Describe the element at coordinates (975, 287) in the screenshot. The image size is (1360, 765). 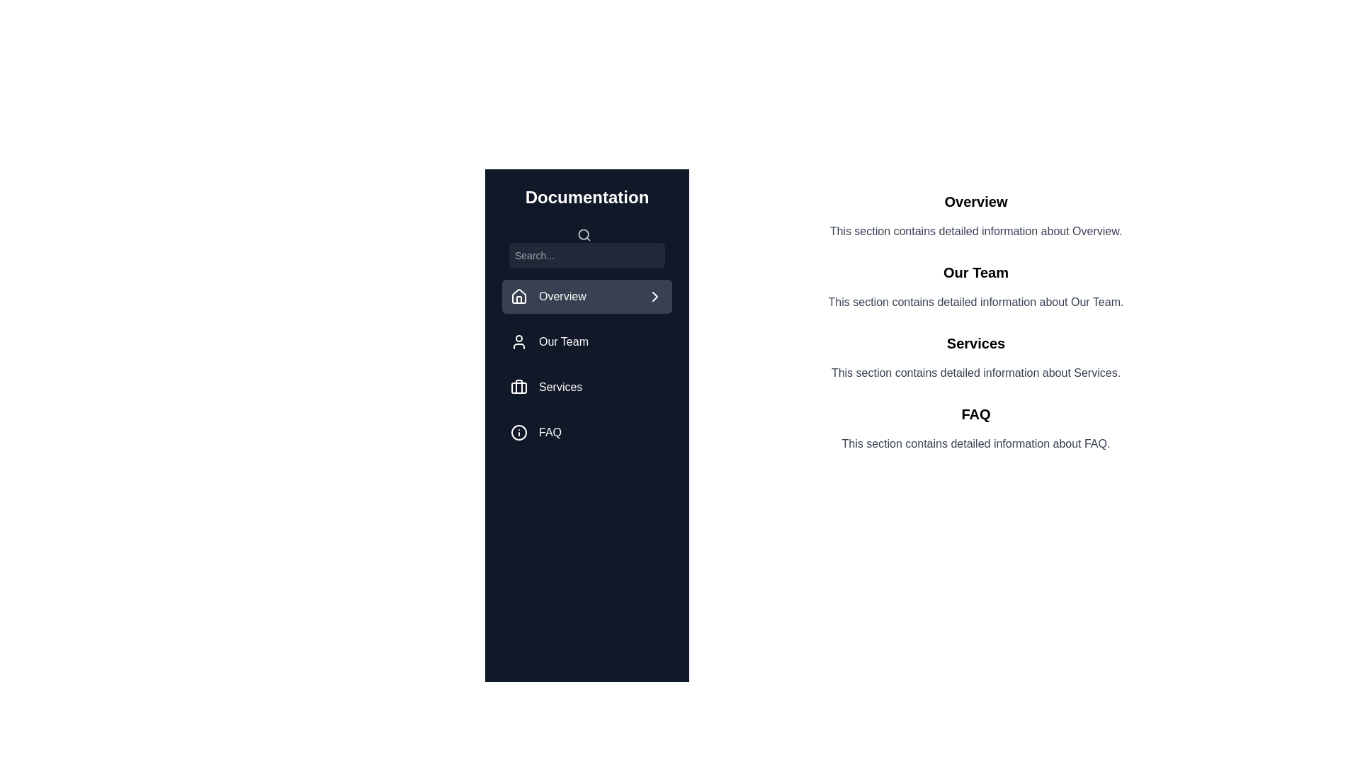
I see `the 'Our Team' text block` at that location.